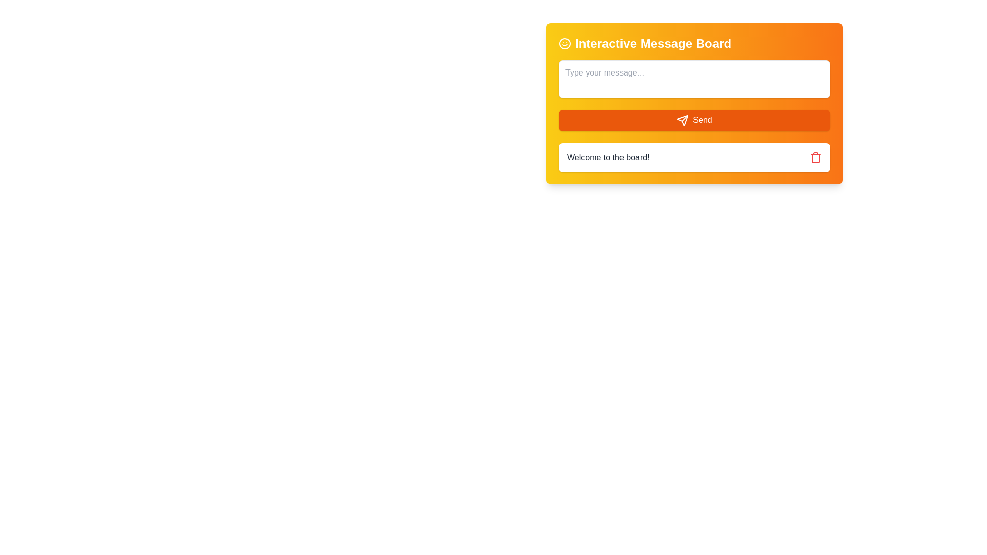 This screenshot has height=555, width=987. I want to click on the decorative SVG circle located to the left of the 'Interactive Message Board' title at the top of the message board interface, so click(564, 43).